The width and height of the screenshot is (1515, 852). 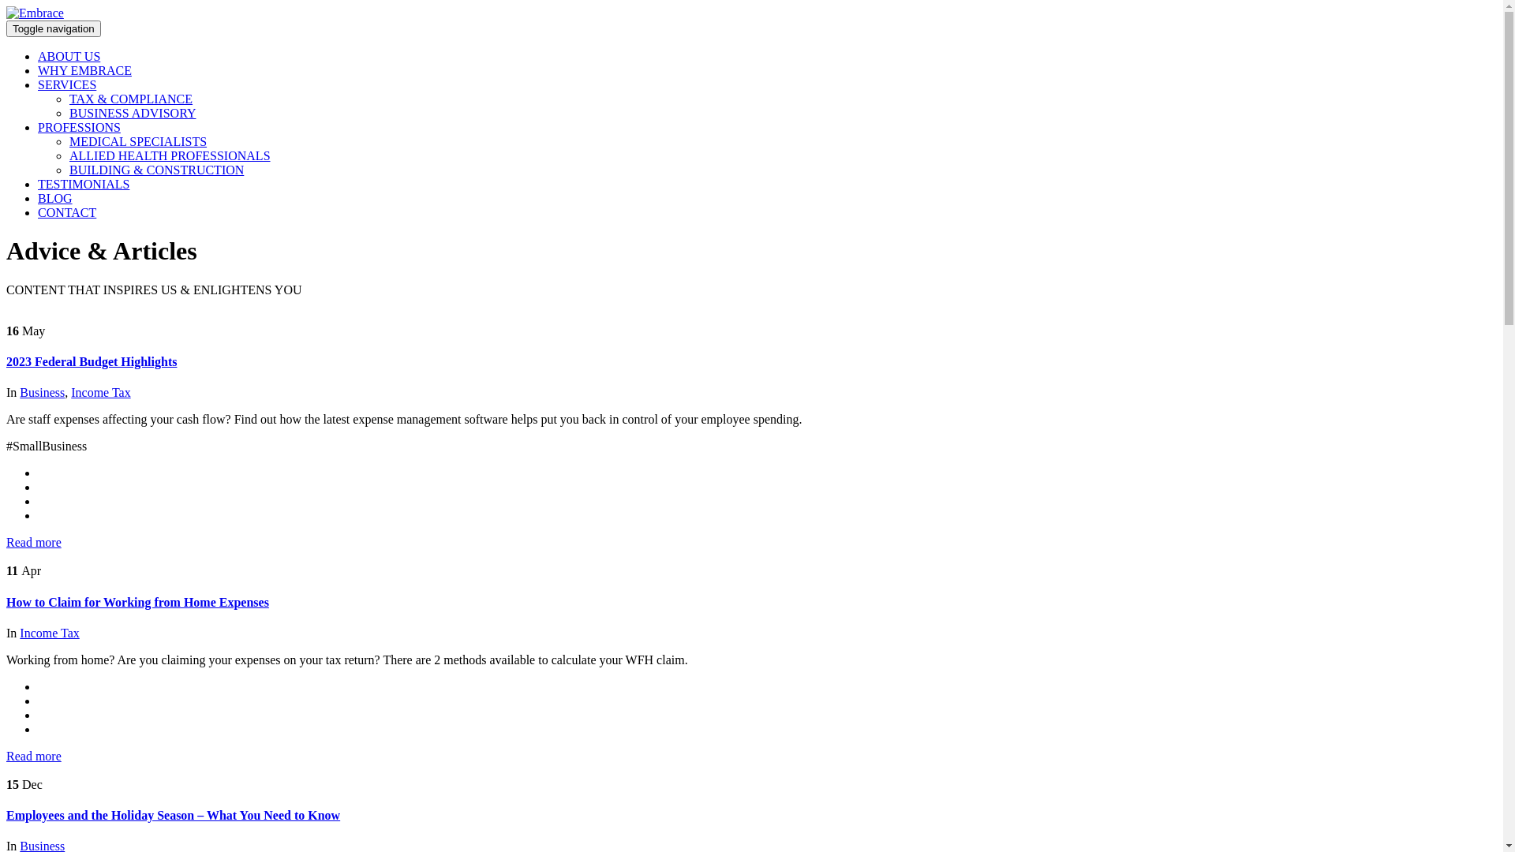 I want to click on 'PROFESSIONS', so click(x=38, y=126).